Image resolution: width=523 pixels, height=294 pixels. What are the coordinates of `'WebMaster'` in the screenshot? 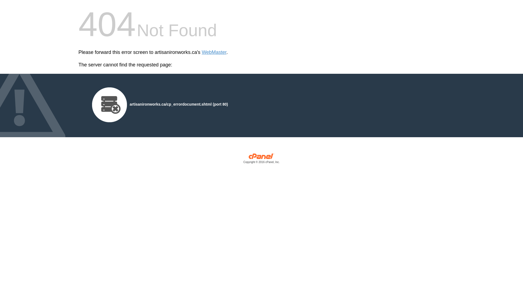 It's located at (214, 52).